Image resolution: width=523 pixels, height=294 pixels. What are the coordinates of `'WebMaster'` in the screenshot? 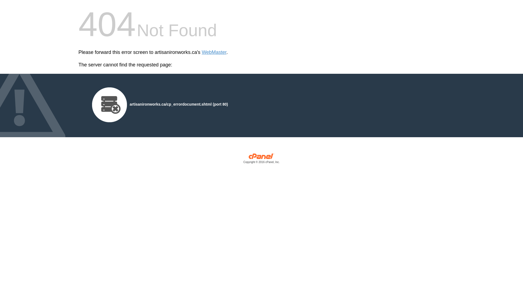 It's located at (214, 52).